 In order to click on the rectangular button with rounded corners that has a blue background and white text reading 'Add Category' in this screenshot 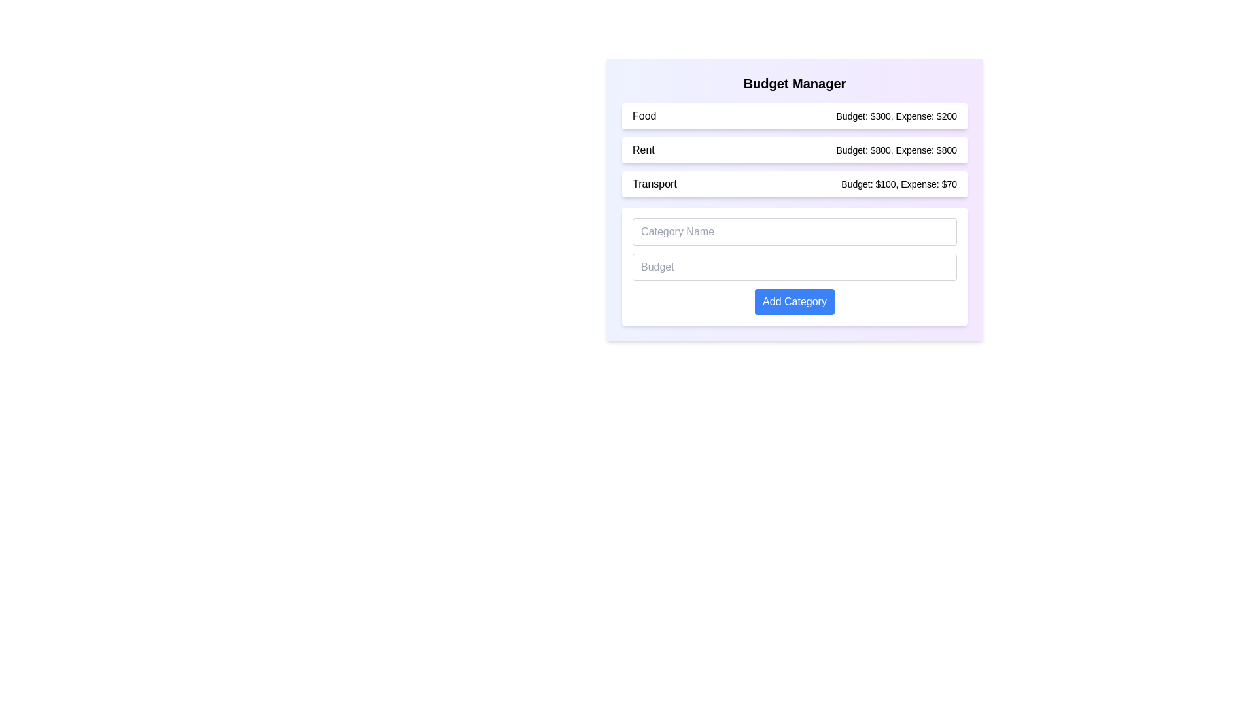, I will do `click(794, 302)`.